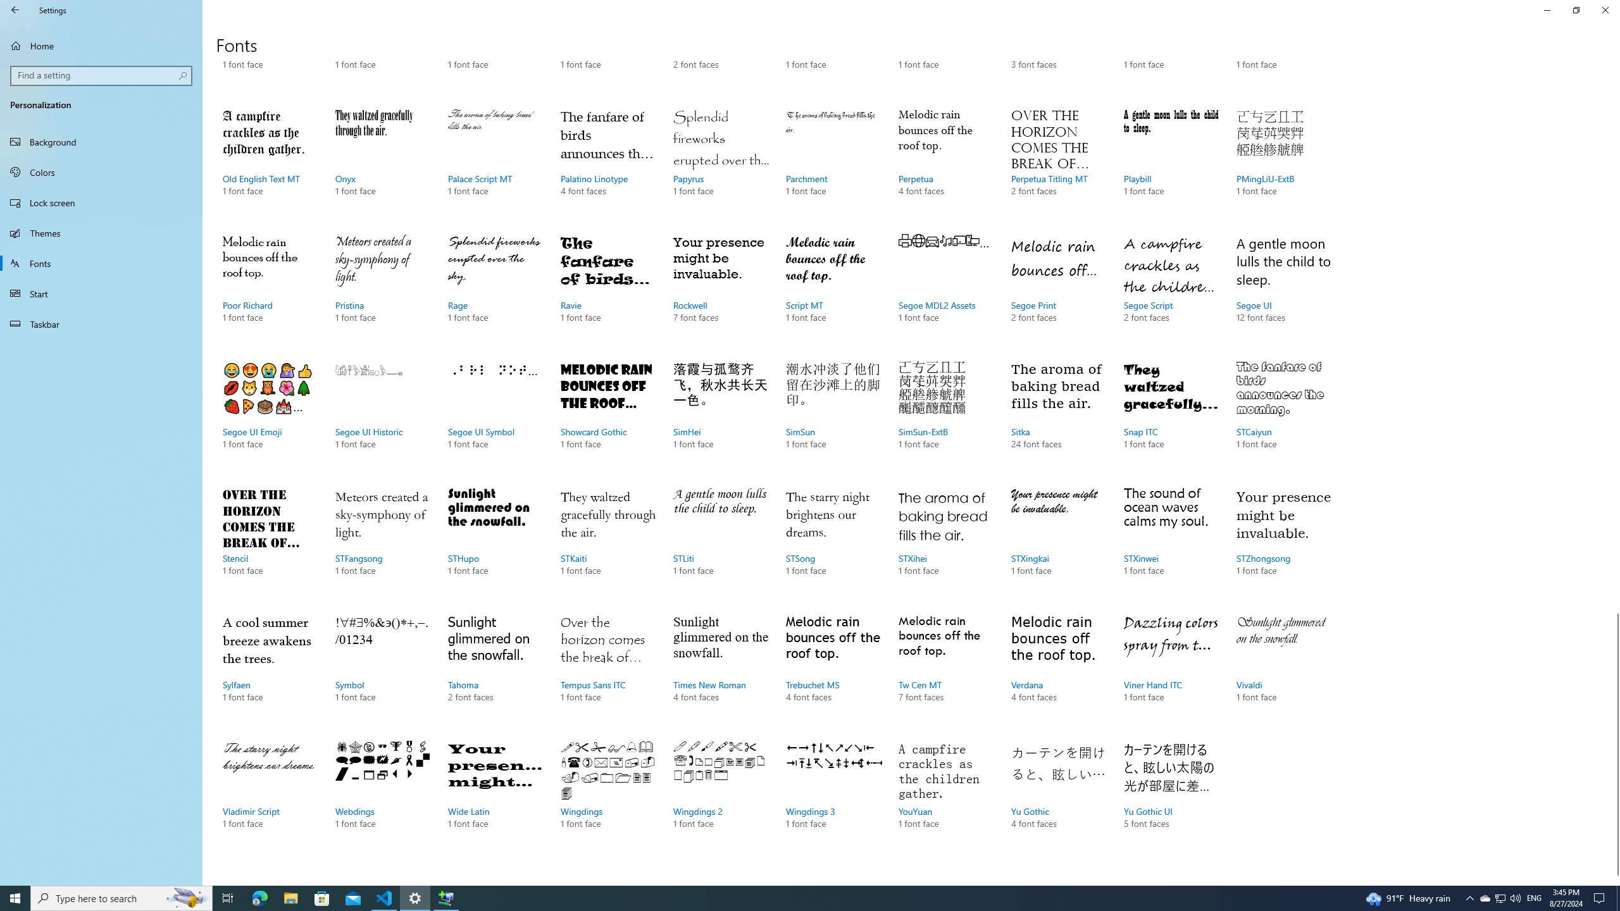 This screenshot has height=911, width=1620. Describe the element at coordinates (1171, 417) in the screenshot. I see `'Snap ITC, 1 font face'` at that location.